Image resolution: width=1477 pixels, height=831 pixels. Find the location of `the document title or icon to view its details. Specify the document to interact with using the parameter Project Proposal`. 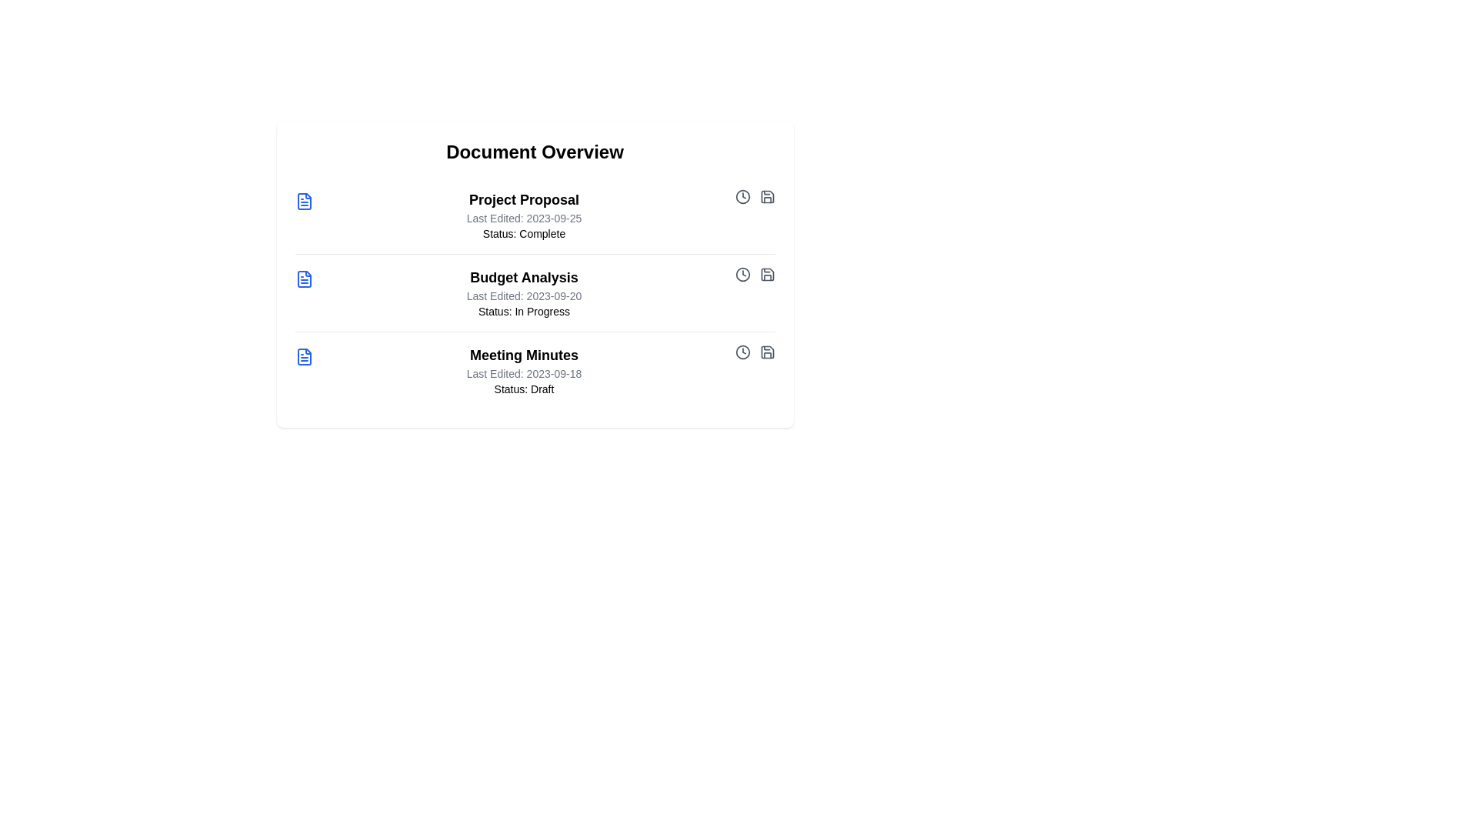

the document title or icon to view its details. Specify the document to interact with using the parameter Project Proposal is located at coordinates (325, 199).